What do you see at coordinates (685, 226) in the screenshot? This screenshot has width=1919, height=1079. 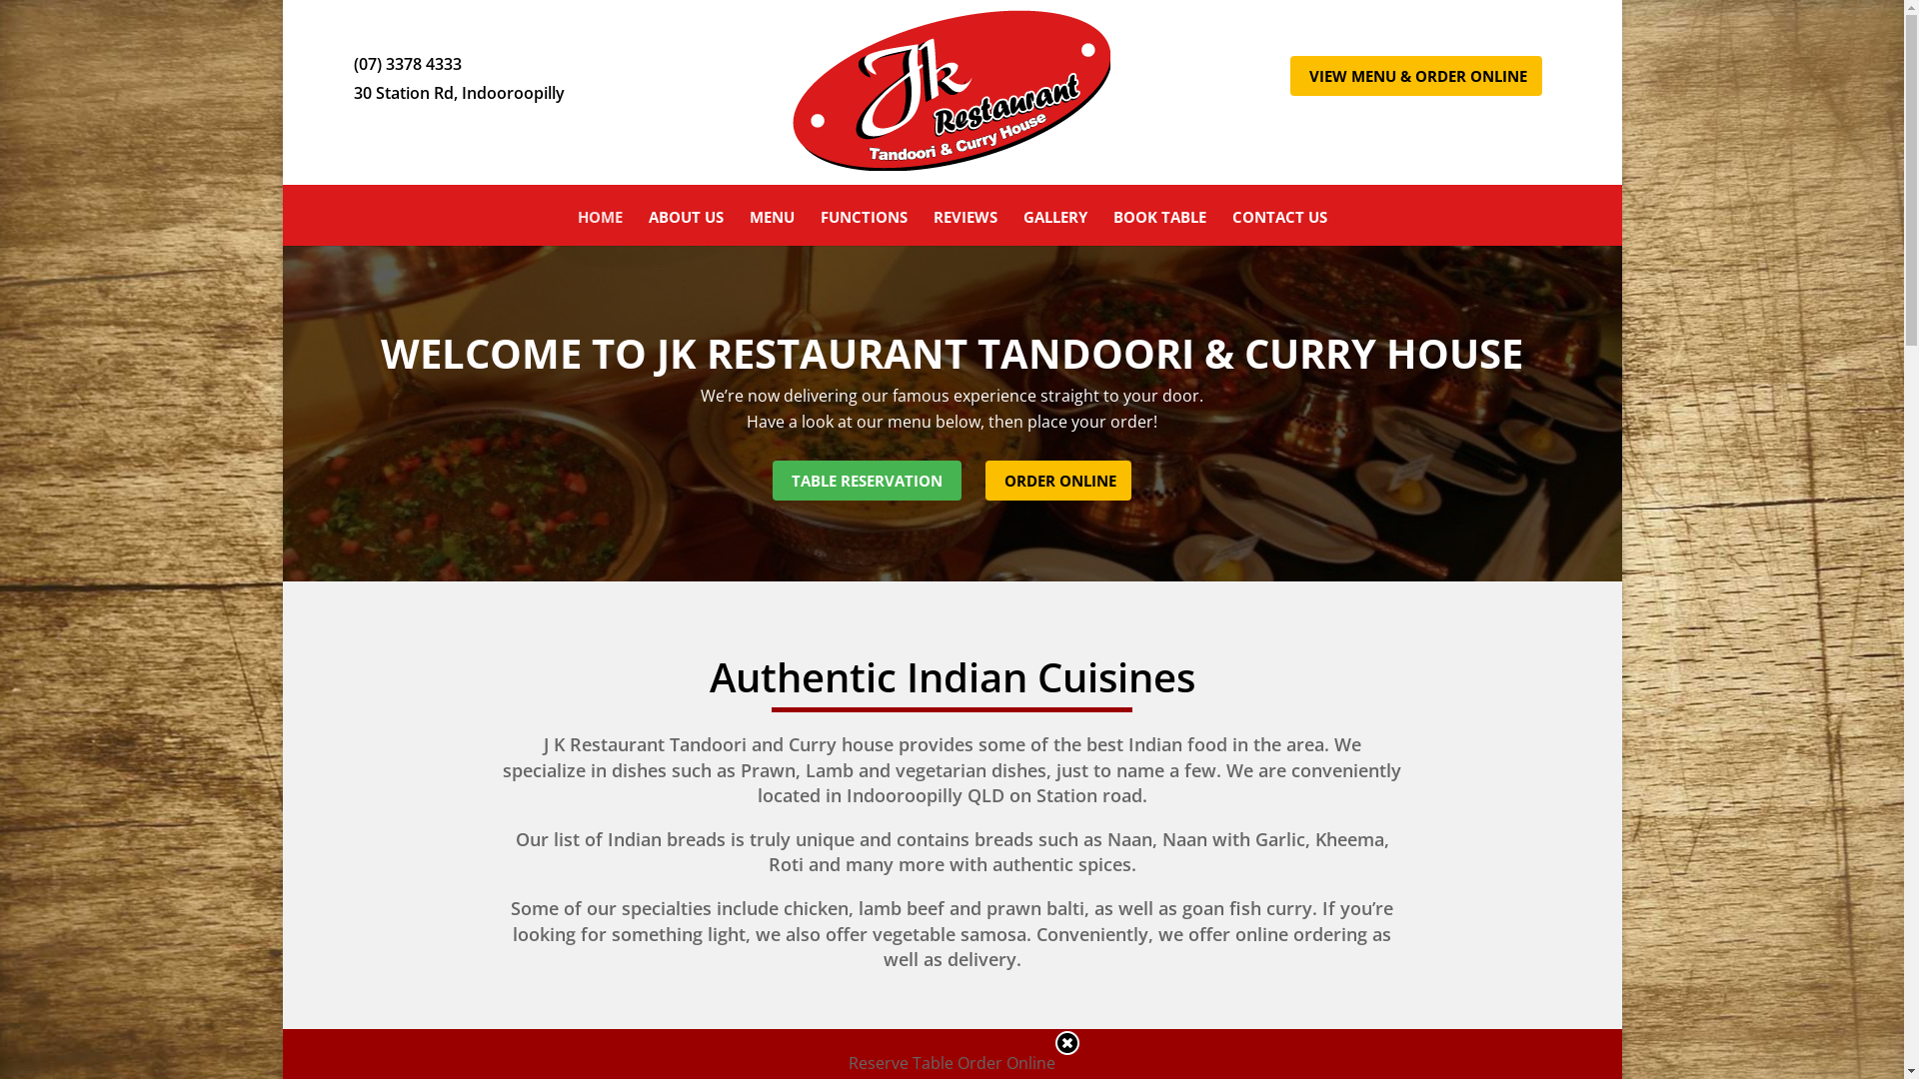 I see `'ABOUT US'` at bounding box center [685, 226].